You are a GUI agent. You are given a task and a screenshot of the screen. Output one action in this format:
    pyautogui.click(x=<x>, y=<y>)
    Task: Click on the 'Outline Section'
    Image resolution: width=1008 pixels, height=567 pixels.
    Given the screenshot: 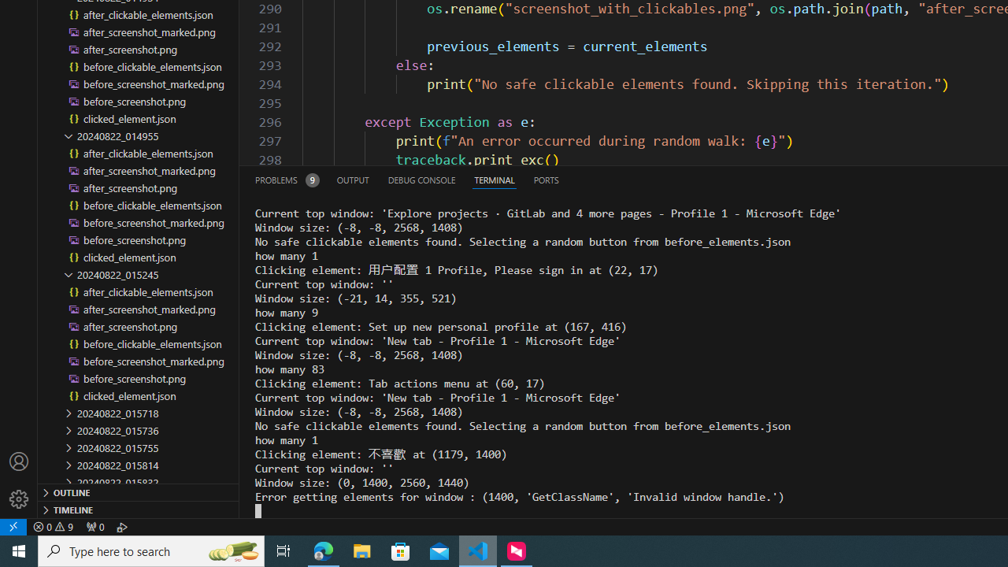 What is the action you would take?
    pyautogui.click(x=139, y=491)
    